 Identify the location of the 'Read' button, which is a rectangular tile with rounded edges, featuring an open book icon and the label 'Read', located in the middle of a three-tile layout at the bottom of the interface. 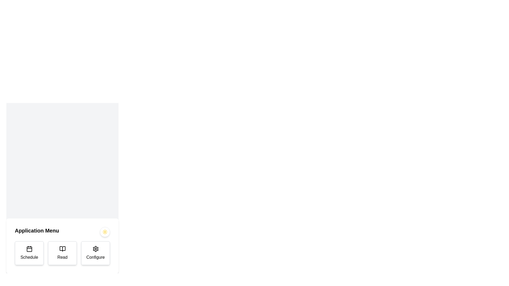
(62, 253).